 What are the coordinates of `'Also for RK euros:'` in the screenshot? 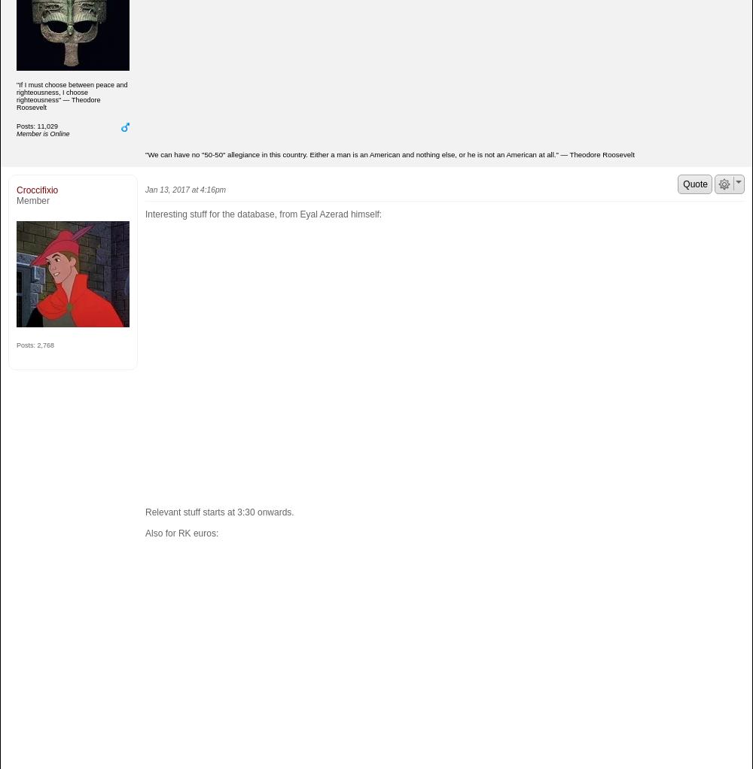 It's located at (145, 533).